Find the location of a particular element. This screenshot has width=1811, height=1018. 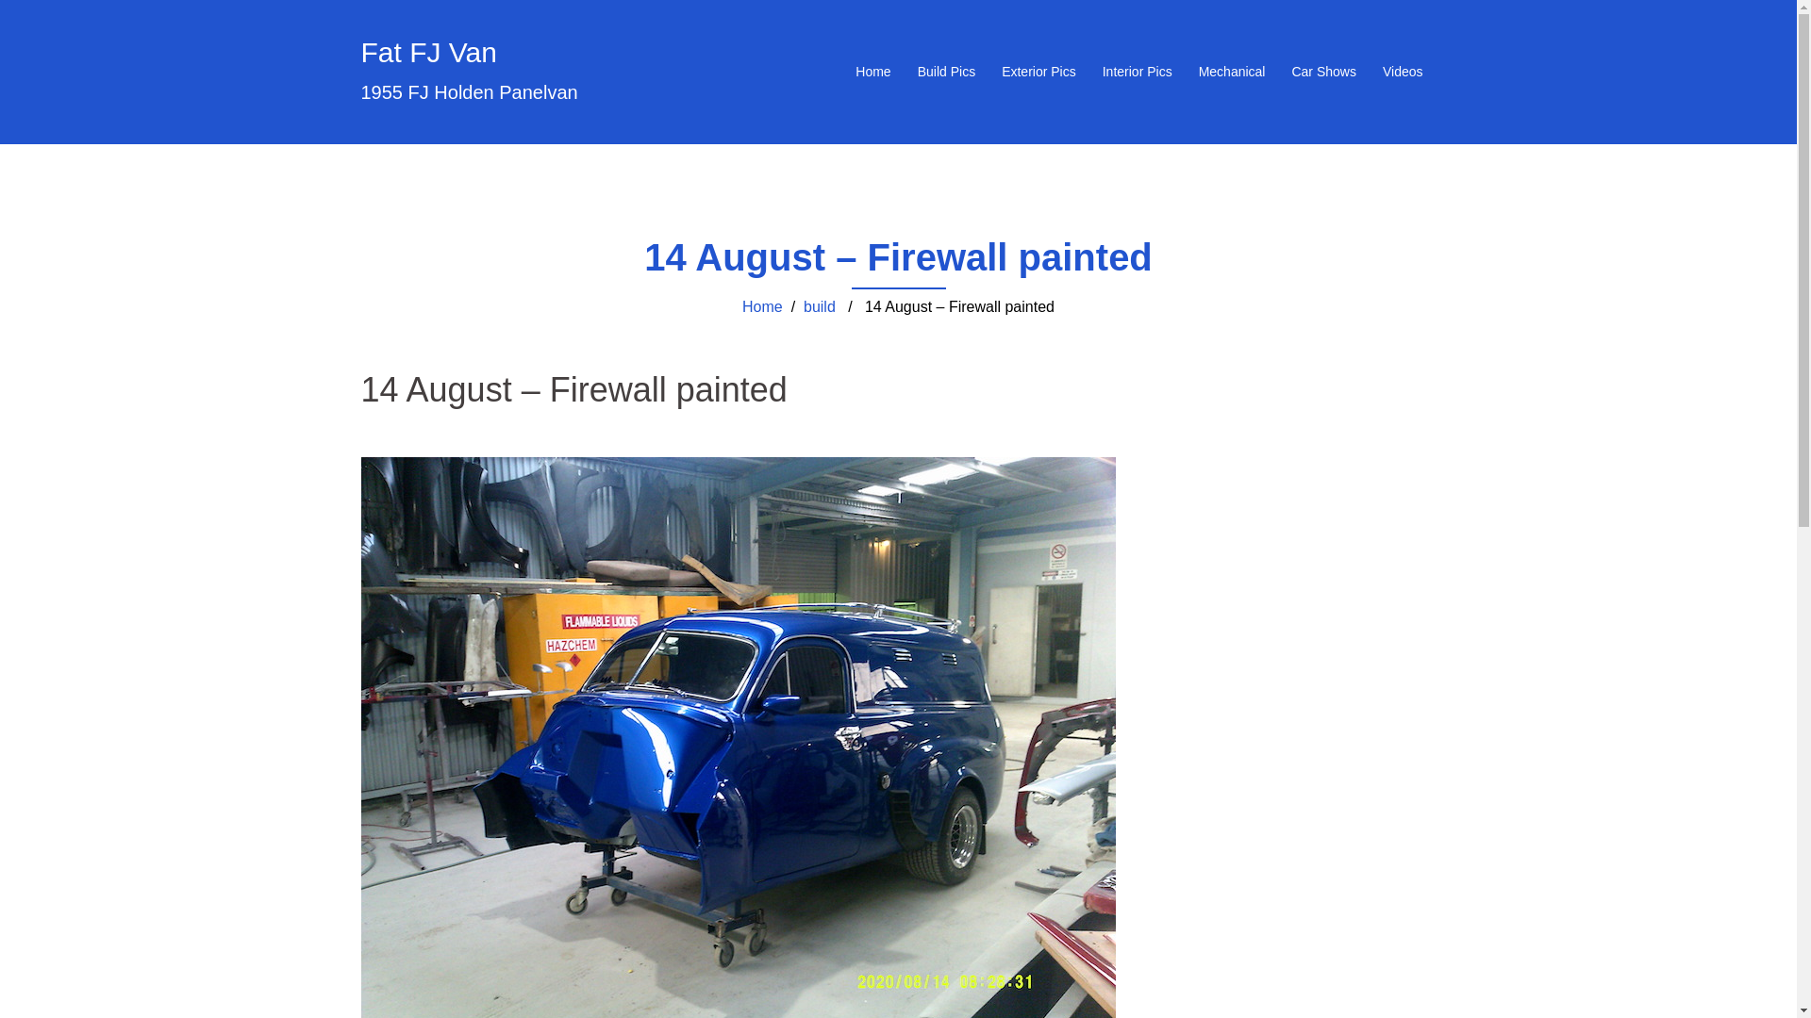

'Home' is located at coordinates (762, 305).